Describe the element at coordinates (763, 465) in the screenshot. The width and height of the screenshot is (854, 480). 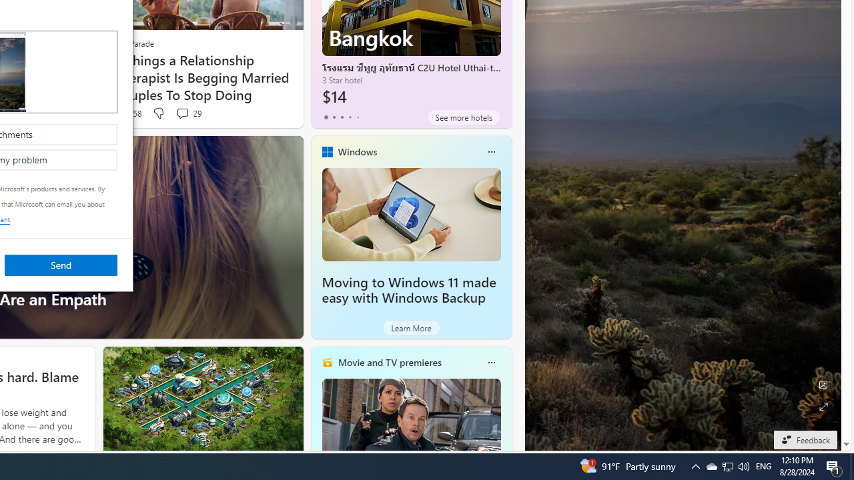
I see `'Tray Input Indicator - English (United States)'` at that location.